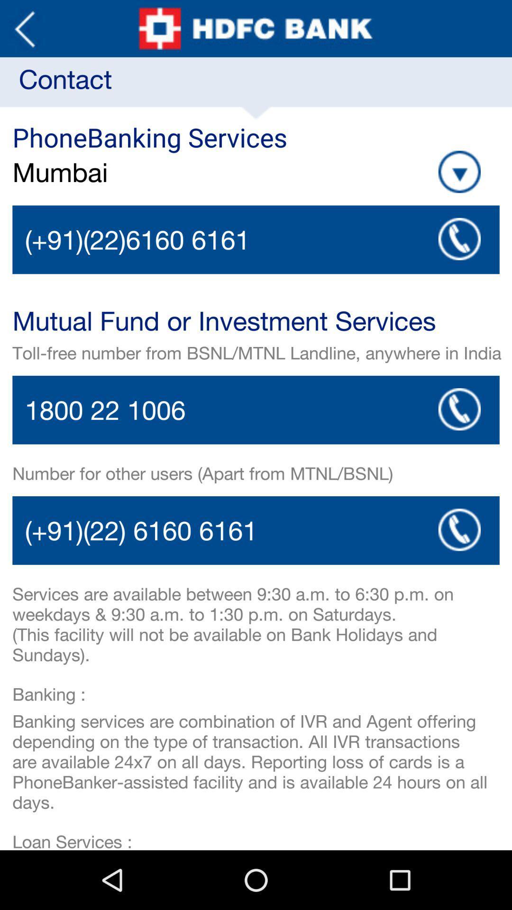 This screenshot has width=512, height=910. Describe the element at coordinates (155, 172) in the screenshot. I see `app below phonebanking services item` at that location.